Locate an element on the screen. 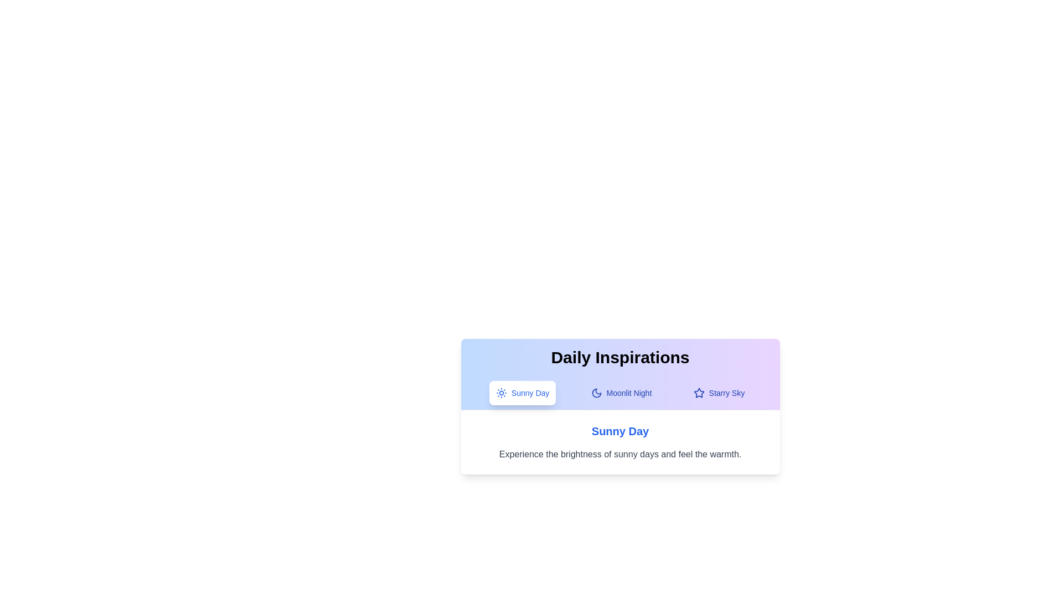  the tab labeled Sunny Day to display its content is located at coordinates (522, 392).